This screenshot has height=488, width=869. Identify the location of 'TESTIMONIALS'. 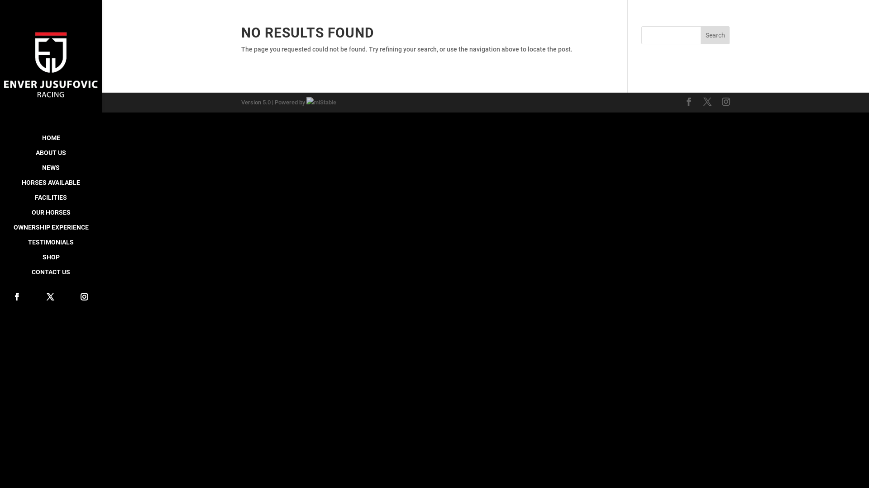
(50, 246).